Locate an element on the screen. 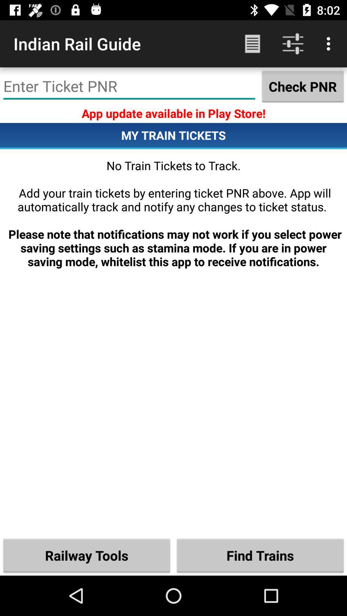  item above the check pnr item is located at coordinates (330, 43).